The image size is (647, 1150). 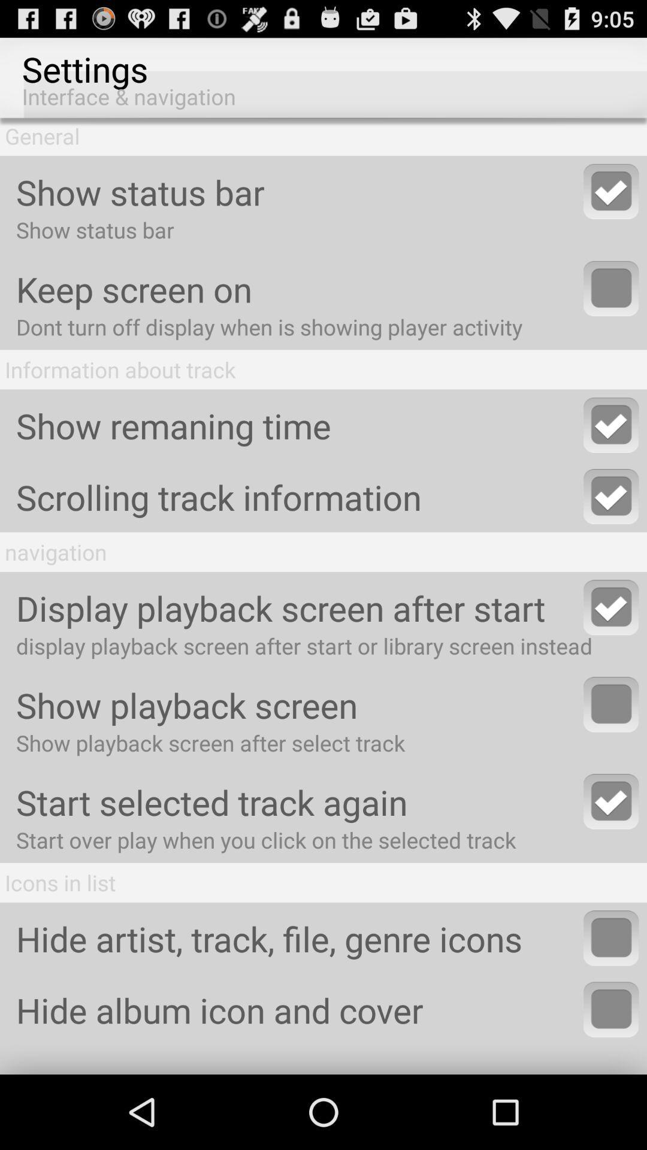 I want to click on keep screen on, so click(x=611, y=288).